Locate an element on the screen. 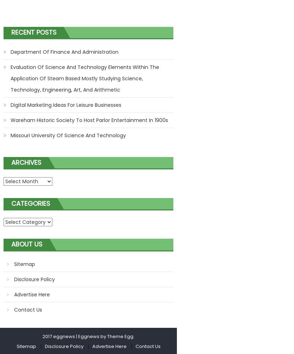 This screenshot has width=294, height=354. '|' is located at coordinates (76, 336).